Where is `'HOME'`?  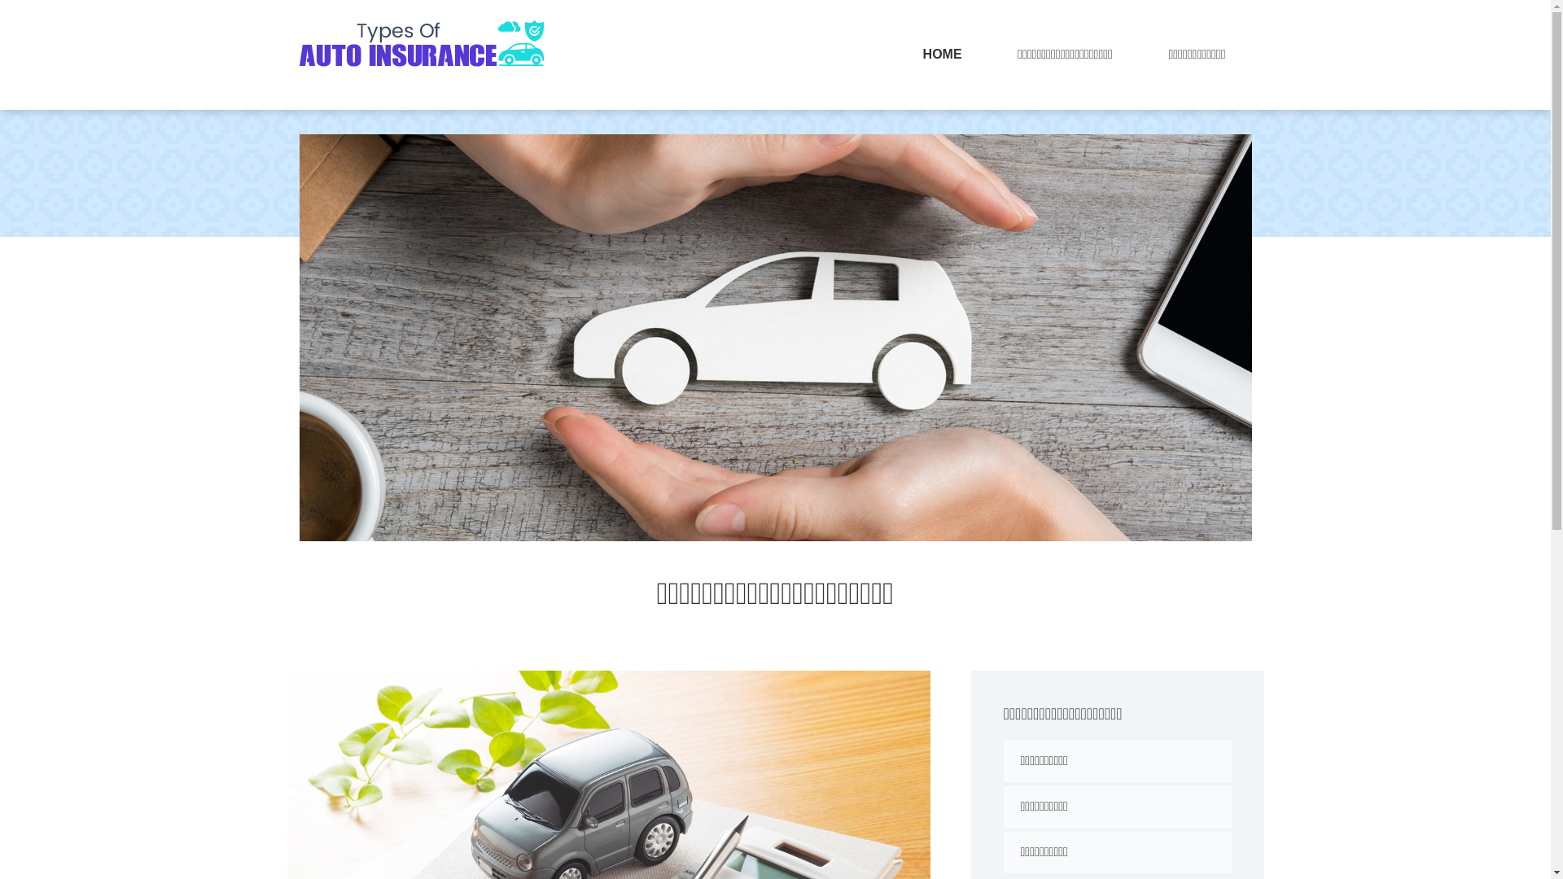 'HOME' is located at coordinates (942, 54).